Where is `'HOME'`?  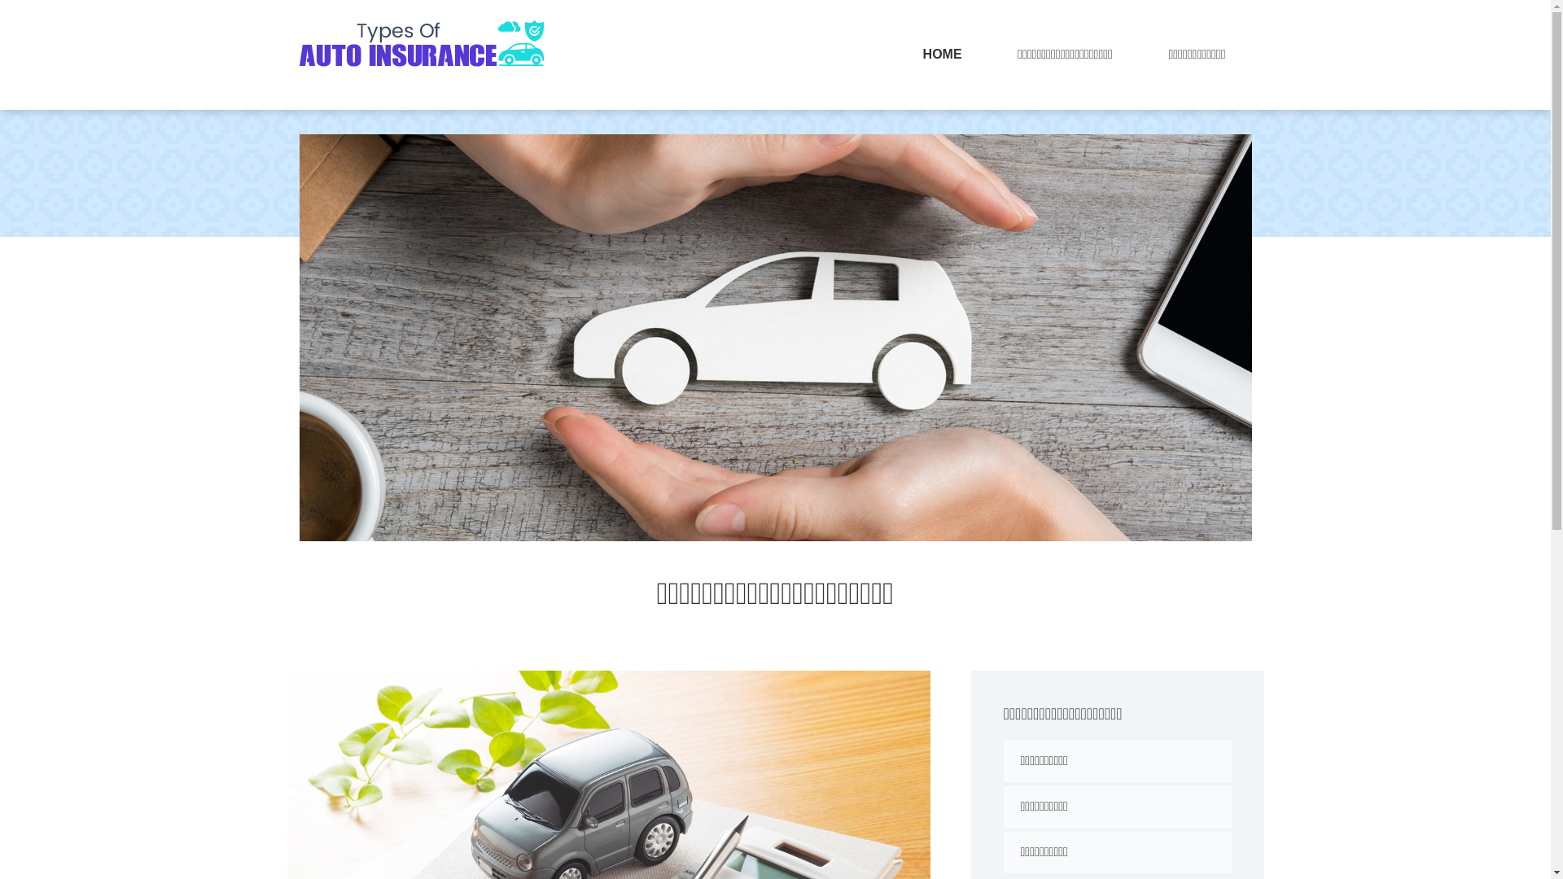 'HOME' is located at coordinates (942, 54).